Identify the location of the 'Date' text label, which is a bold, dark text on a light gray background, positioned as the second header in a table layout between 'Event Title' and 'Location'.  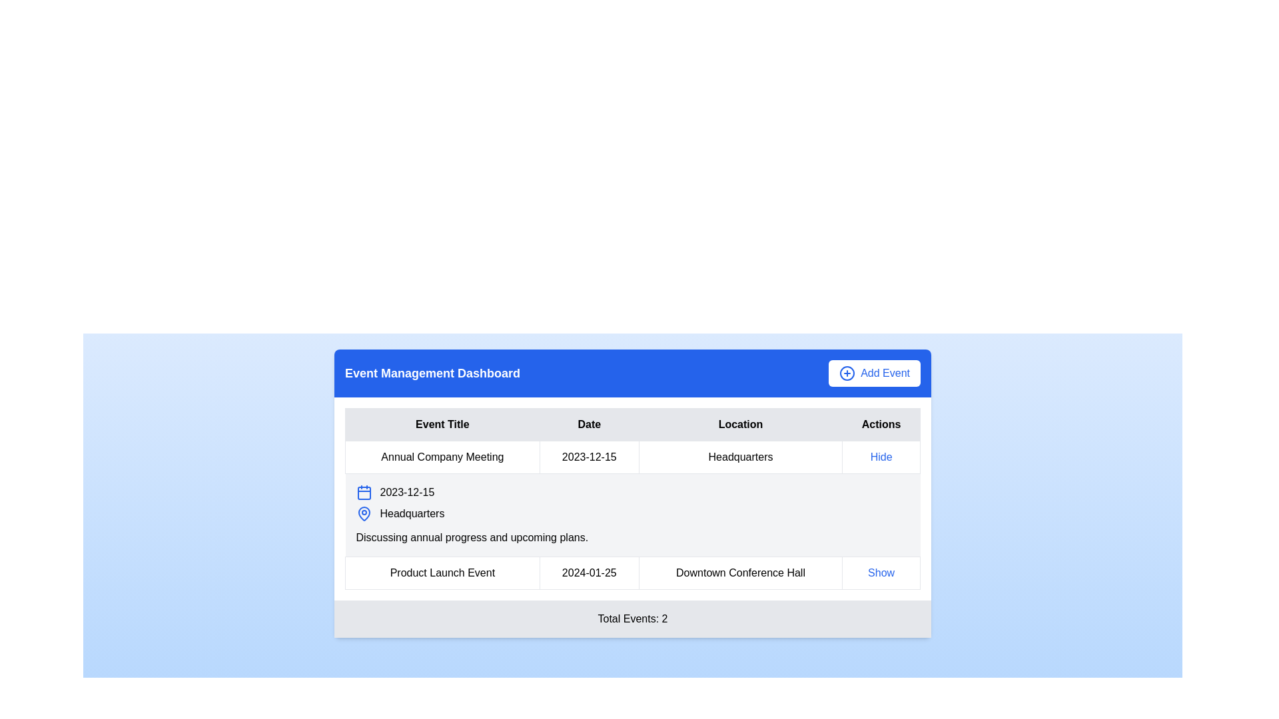
(588, 424).